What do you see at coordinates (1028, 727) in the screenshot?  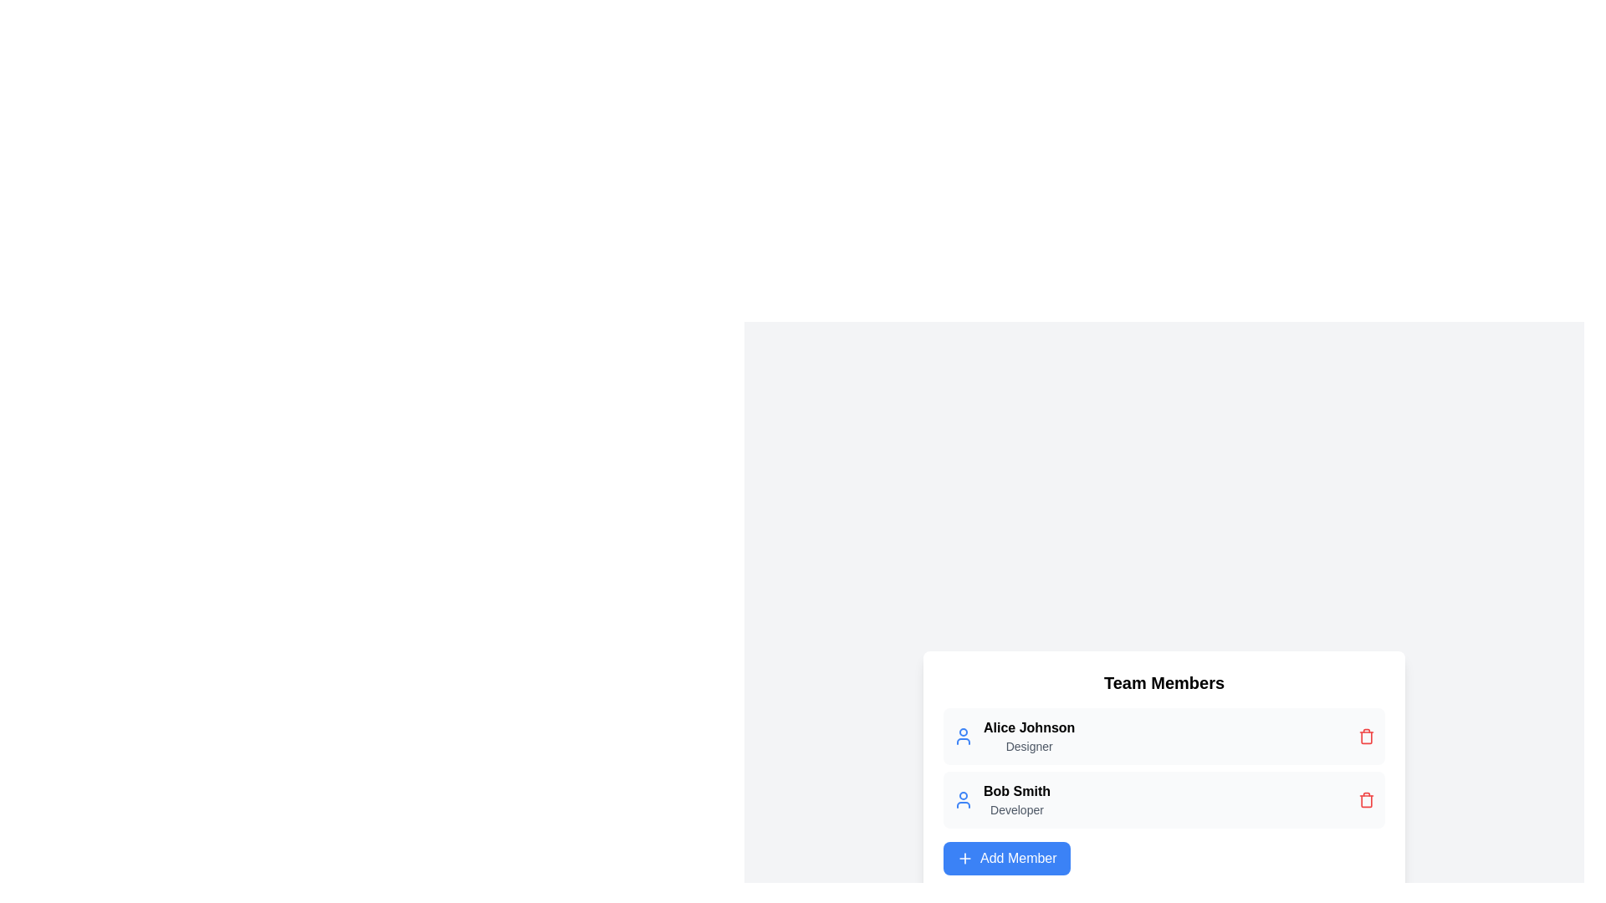 I see `the text label displaying 'Alice Johnson', which is styled in bold and located at the top of the member list under the 'Team Members' section` at bounding box center [1028, 727].